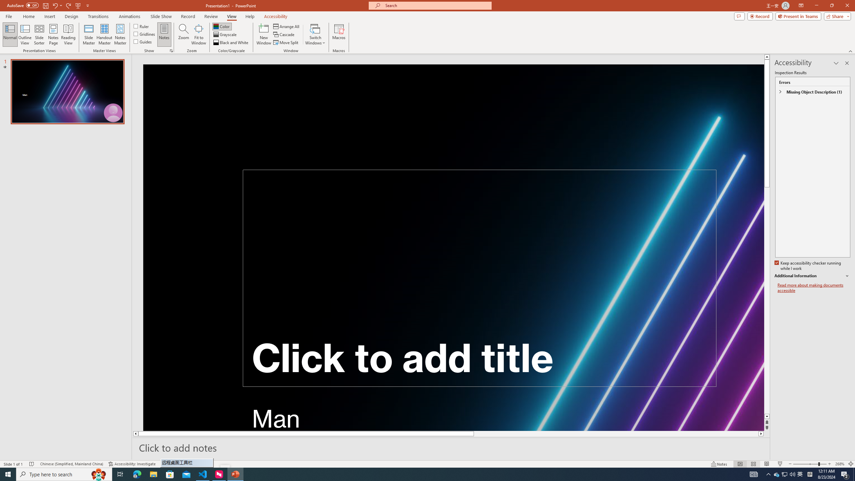 The image size is (855, 481). What do you see at coordinates (199, 34) in the screenshot?
I see `'Fit to Window'` at bounding box center [199, 34].